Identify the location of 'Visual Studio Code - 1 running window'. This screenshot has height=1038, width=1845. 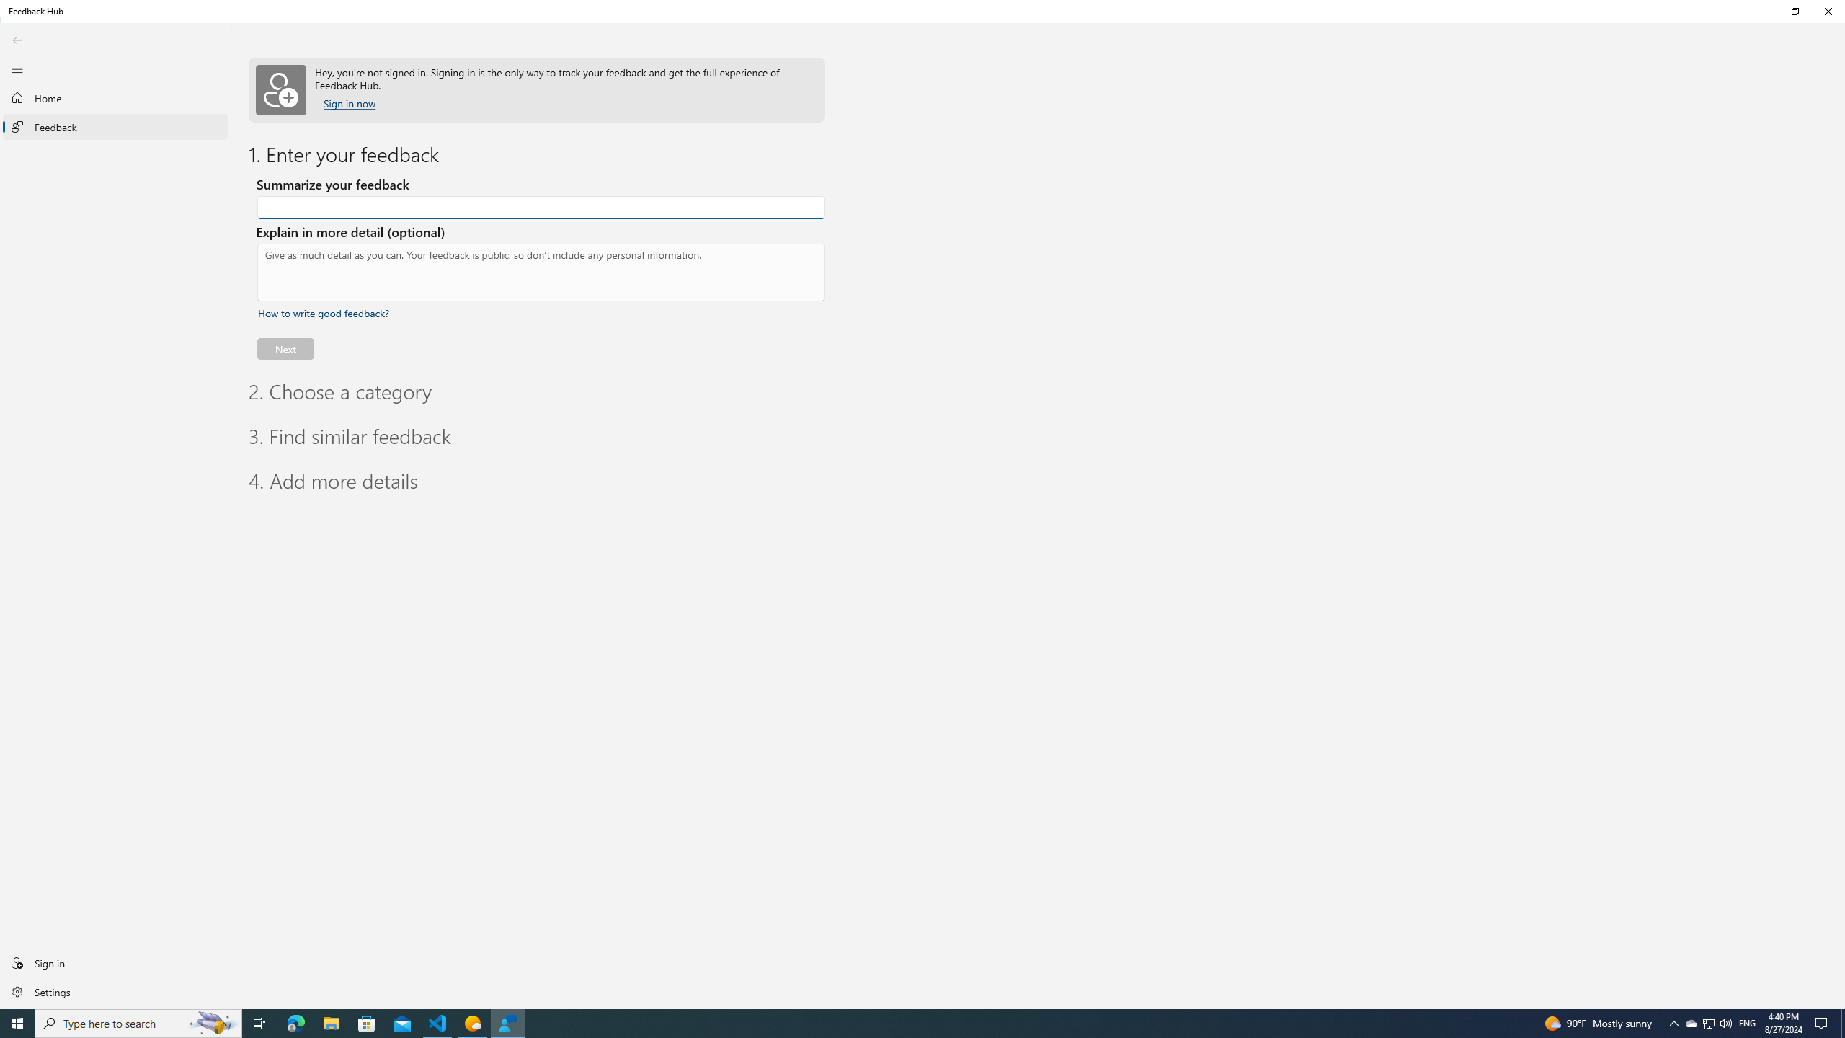
(437, 1022).